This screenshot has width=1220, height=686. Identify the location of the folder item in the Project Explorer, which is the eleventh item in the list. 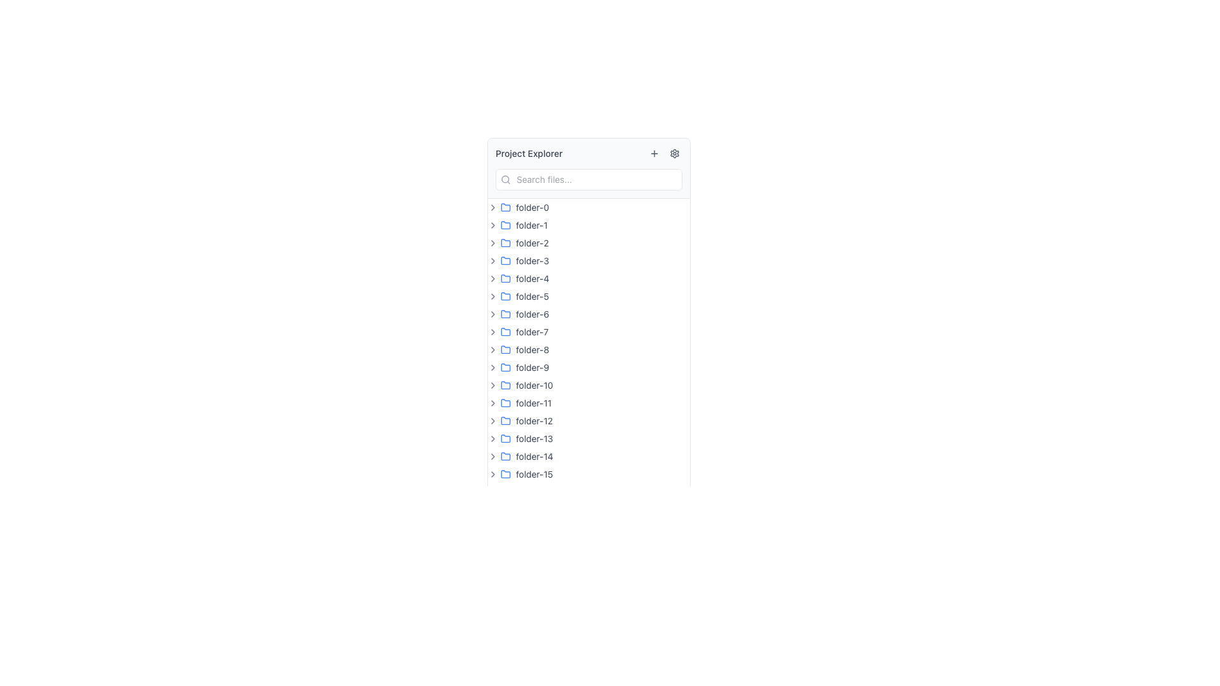
(588, 403).